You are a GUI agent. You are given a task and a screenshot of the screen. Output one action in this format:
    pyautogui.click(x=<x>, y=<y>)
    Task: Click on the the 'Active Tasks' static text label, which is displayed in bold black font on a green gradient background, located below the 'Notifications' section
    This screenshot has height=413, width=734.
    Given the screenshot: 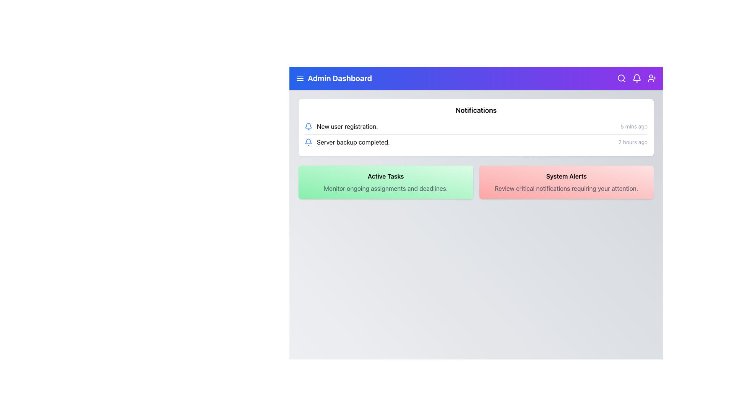 What is the action you would take?
    pyautogui.click(x=386, y=176)
    